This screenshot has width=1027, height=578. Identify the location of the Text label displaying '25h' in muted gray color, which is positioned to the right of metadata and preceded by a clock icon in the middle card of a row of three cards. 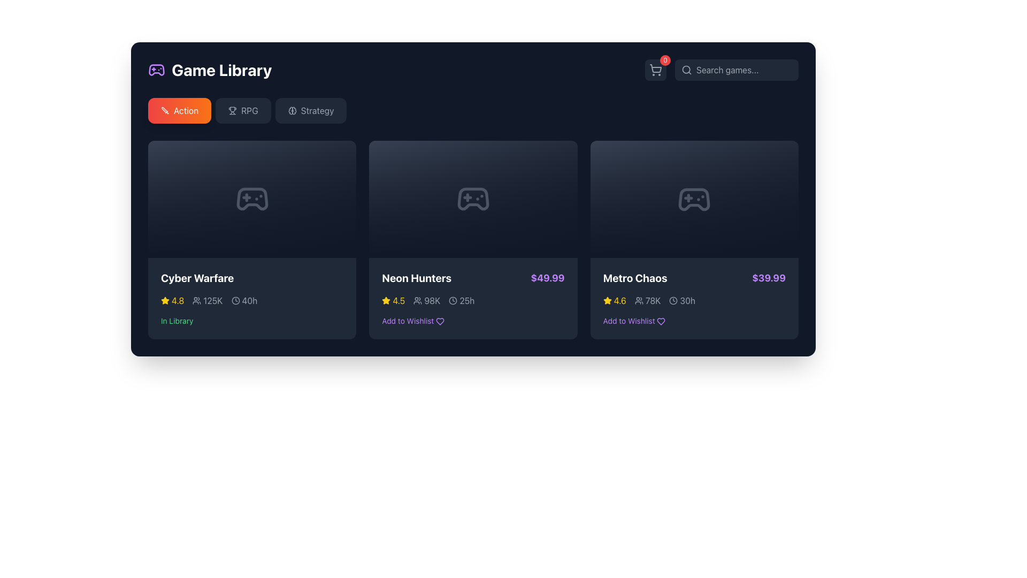
(467, 301).